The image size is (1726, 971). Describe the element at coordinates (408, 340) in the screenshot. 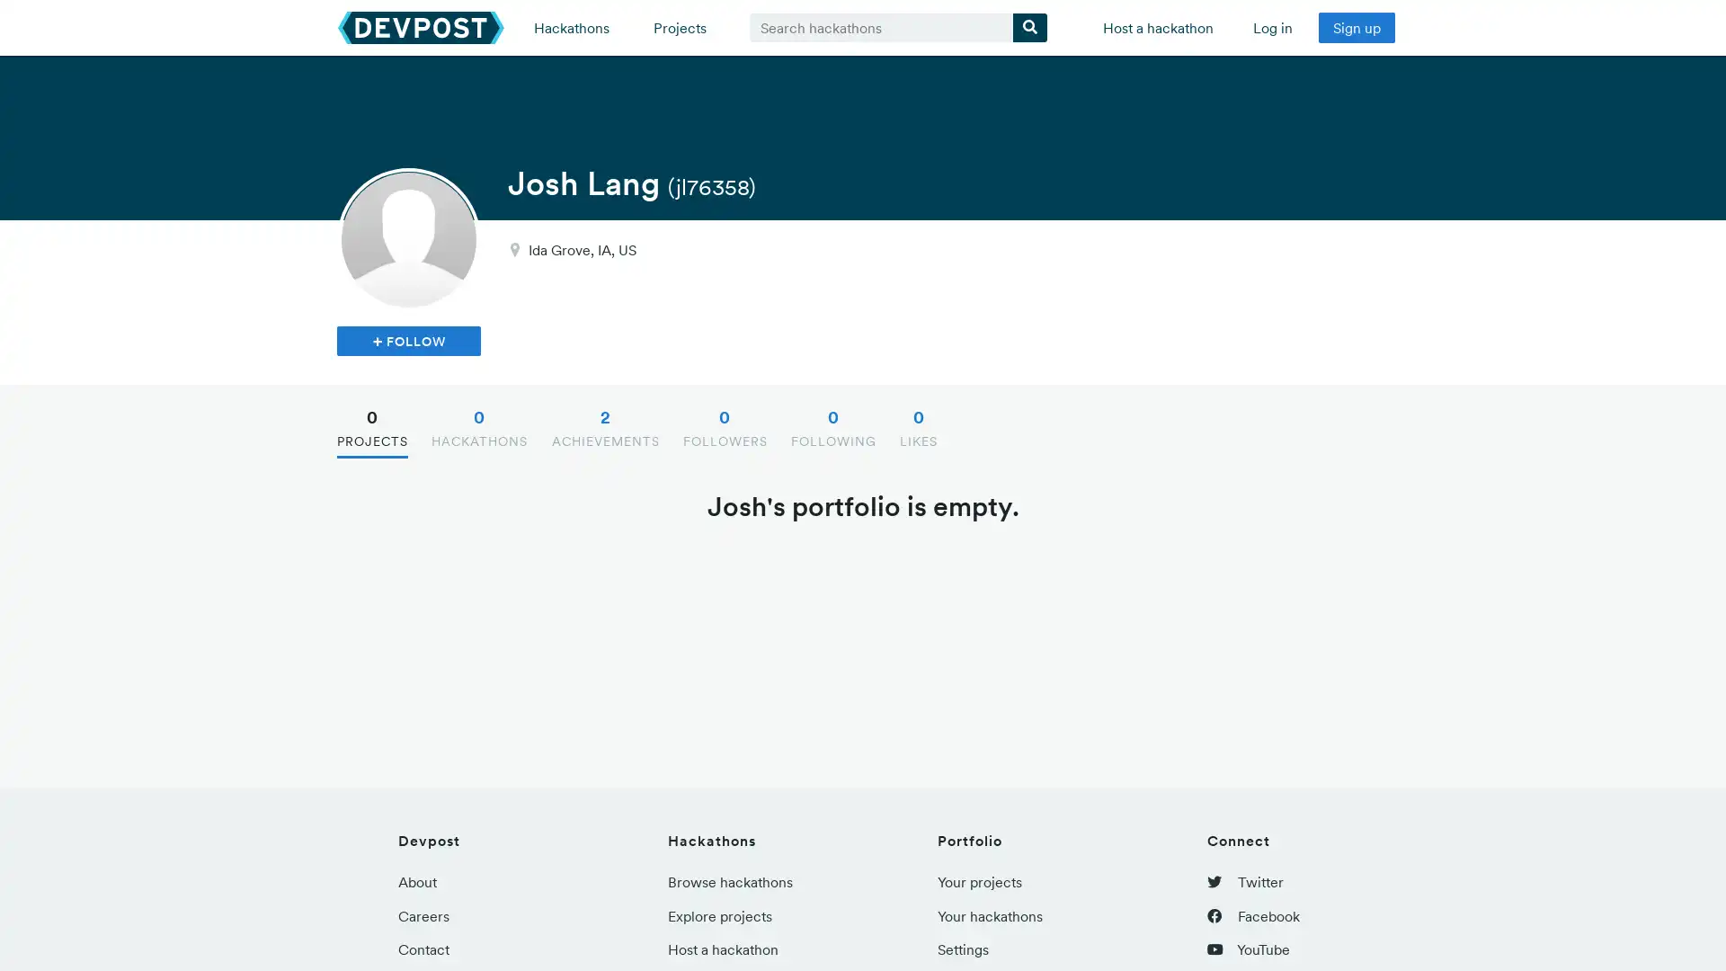

I see `+ FOLLOW` at that location.